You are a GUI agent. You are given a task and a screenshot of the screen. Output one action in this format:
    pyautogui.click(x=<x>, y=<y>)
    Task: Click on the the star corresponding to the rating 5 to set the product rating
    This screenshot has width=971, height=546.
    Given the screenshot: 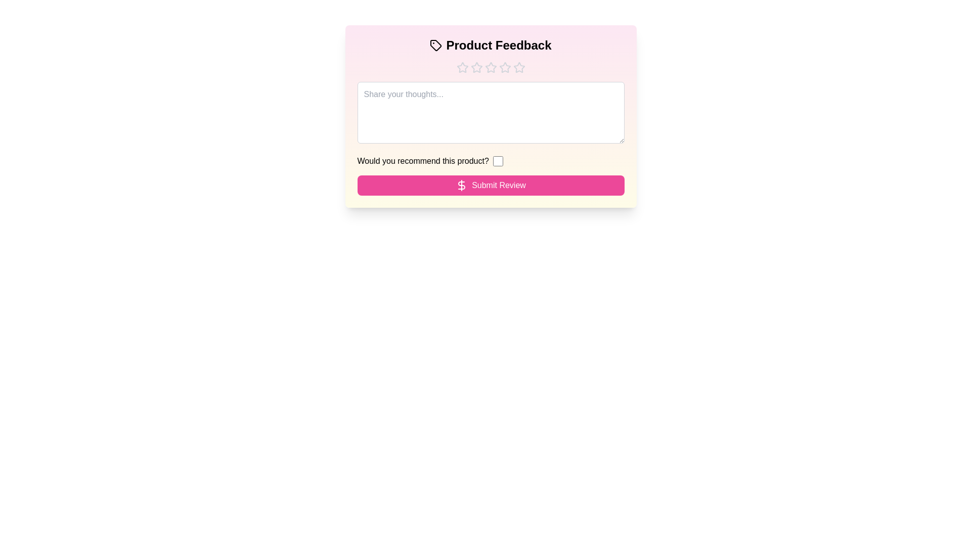 What is the action you would take?
    pyautogui.click(x=519, y=68)
    